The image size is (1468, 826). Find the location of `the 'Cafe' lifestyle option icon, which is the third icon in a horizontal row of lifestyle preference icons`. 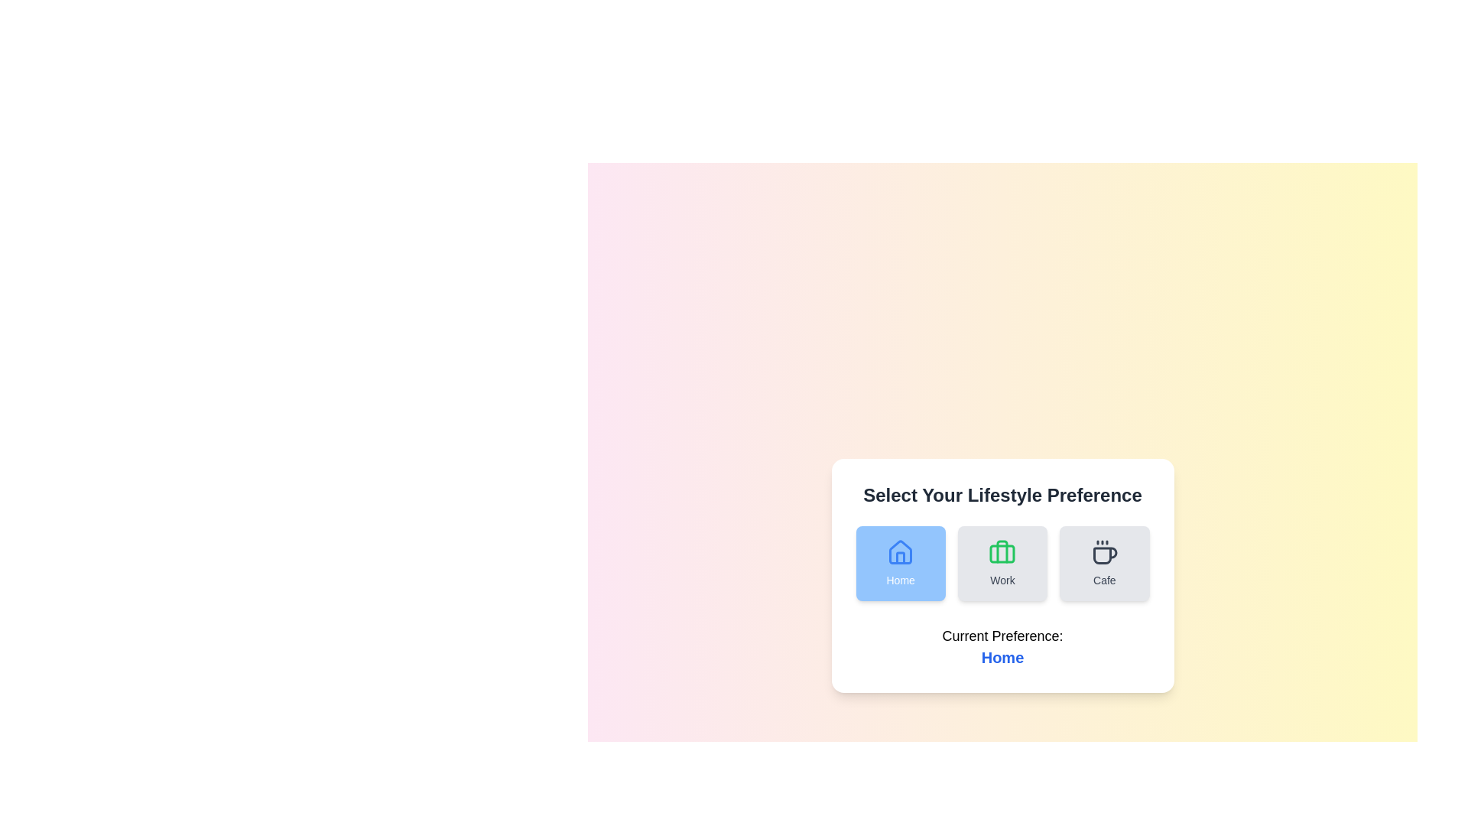

the 'Cafe' lifestyle option icon, which is the third icon in a horizontal row of lifestyle preference icons is located at coordinates (1105, 555).